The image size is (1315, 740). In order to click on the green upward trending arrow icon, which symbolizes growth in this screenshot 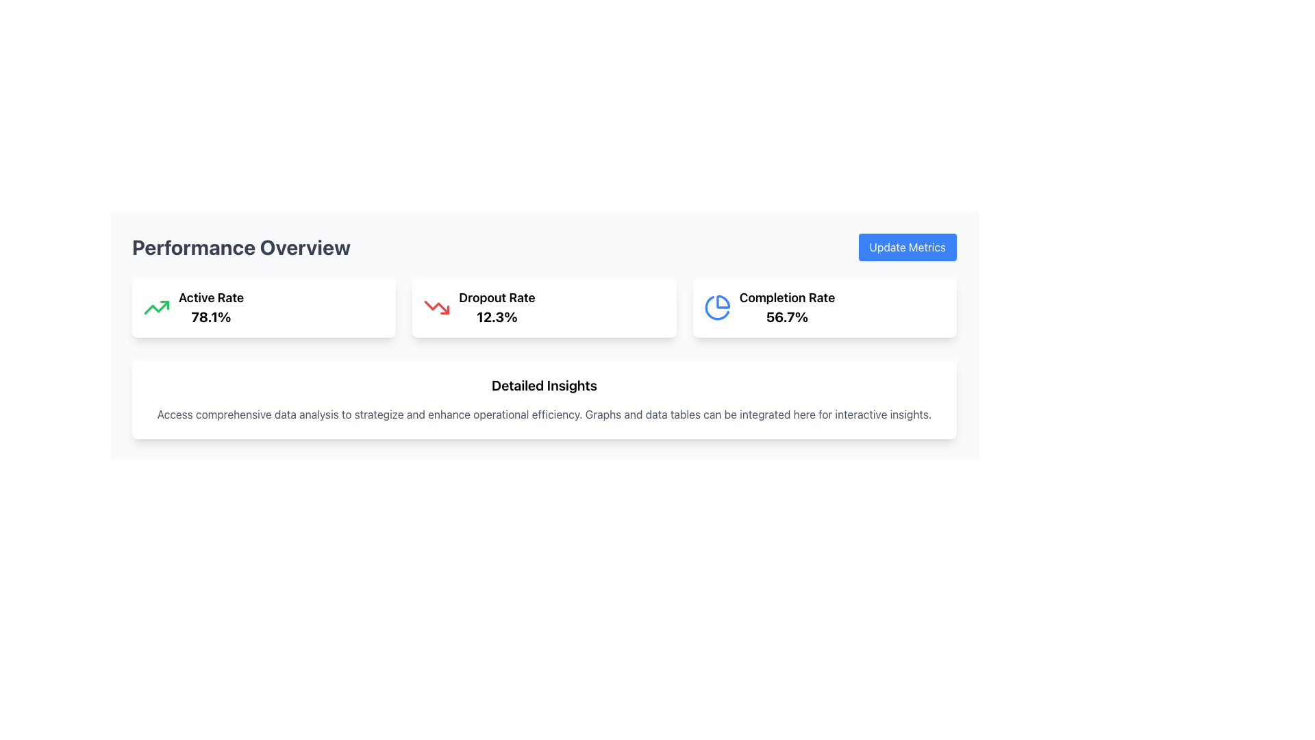, I will do `click(157, 306)`.